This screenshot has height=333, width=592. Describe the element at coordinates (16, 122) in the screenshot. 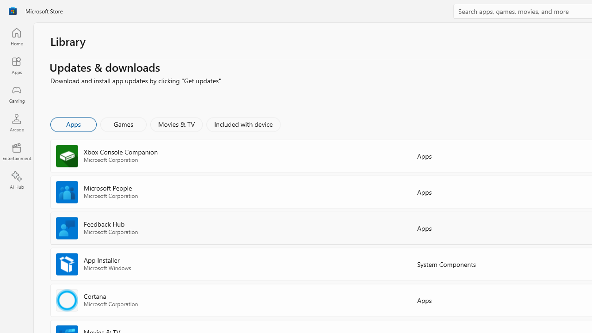

I see `'Arcade'` at that location.